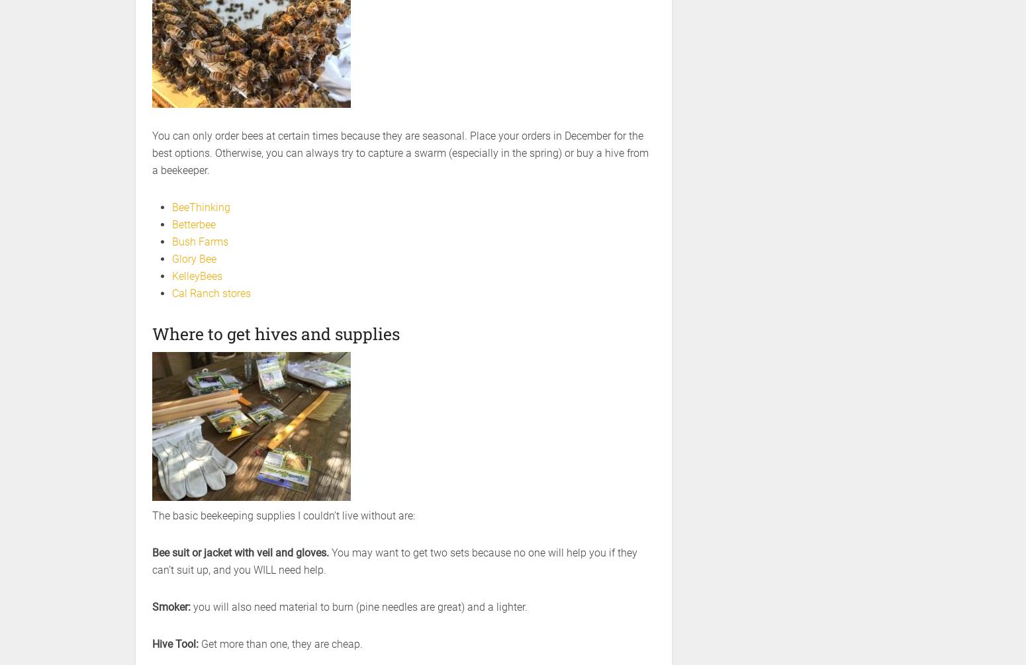  I want to click on 'Get more than one, they are cheap.', so click(281, 643).